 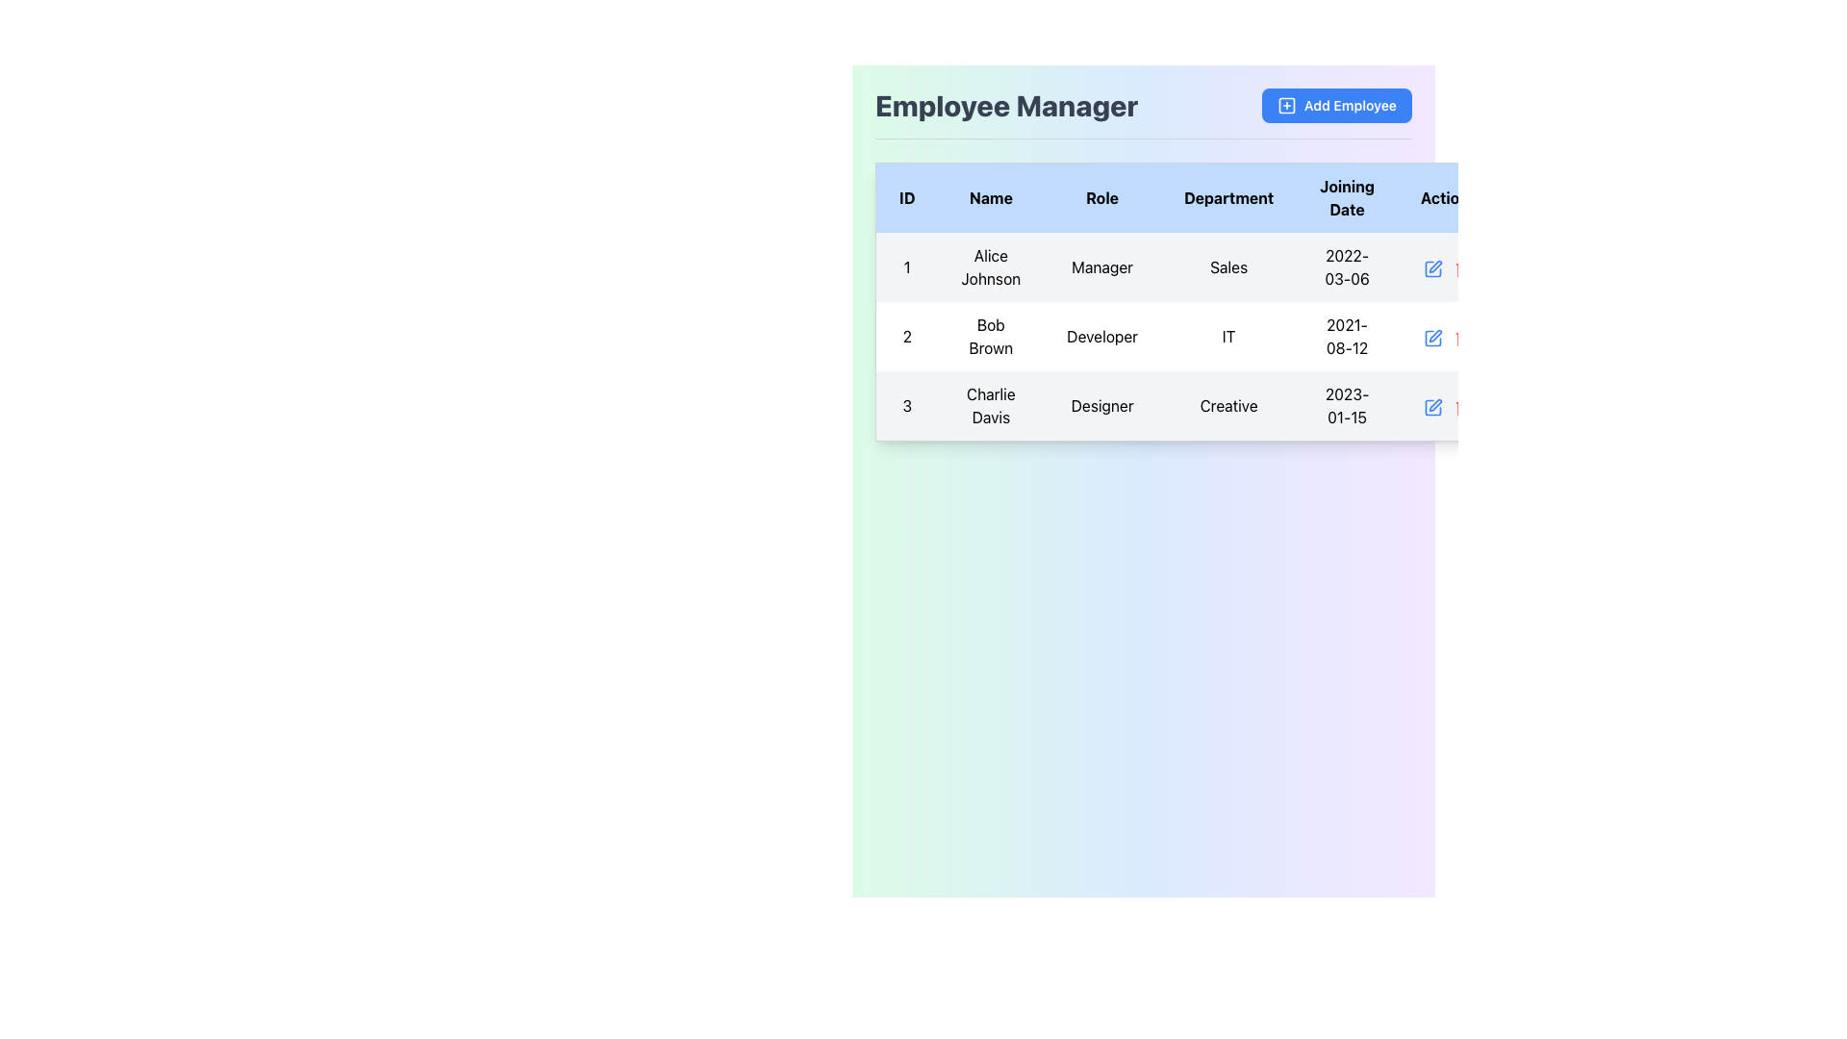 I want to click on the text label representing the name of the individual in the employee management table for user ID '2', so click(x=991, y=336).